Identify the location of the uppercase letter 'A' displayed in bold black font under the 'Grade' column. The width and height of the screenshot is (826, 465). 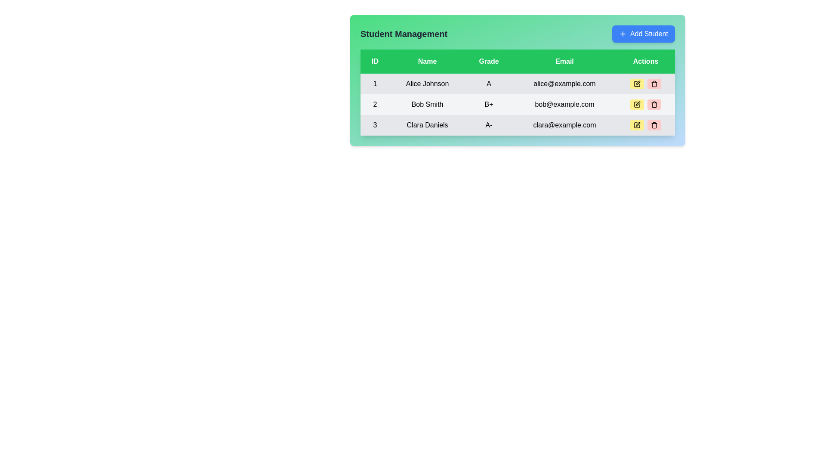
(489, 84).